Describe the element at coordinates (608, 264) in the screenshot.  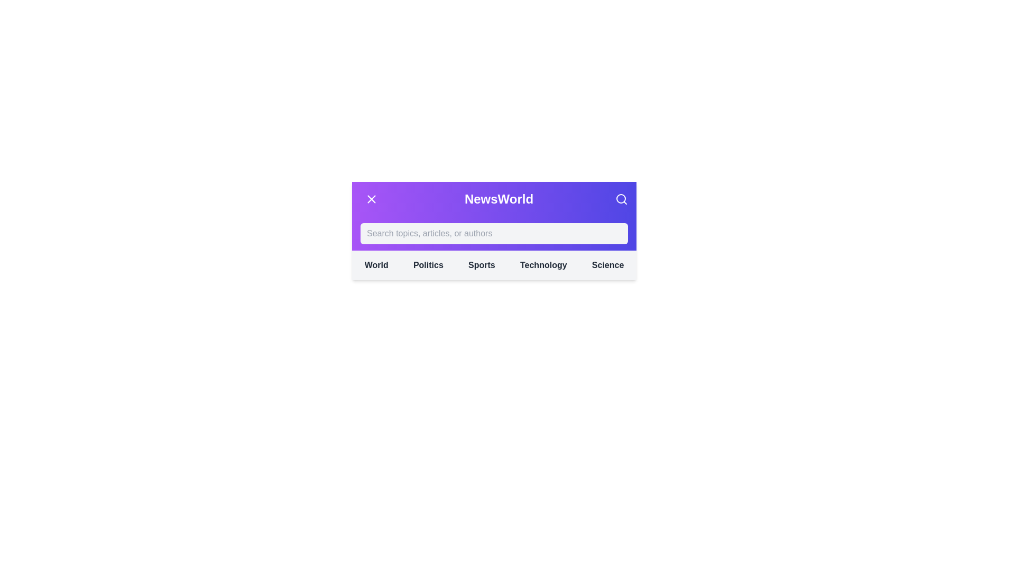
I see `the category Science from the navigation menu` at that location.